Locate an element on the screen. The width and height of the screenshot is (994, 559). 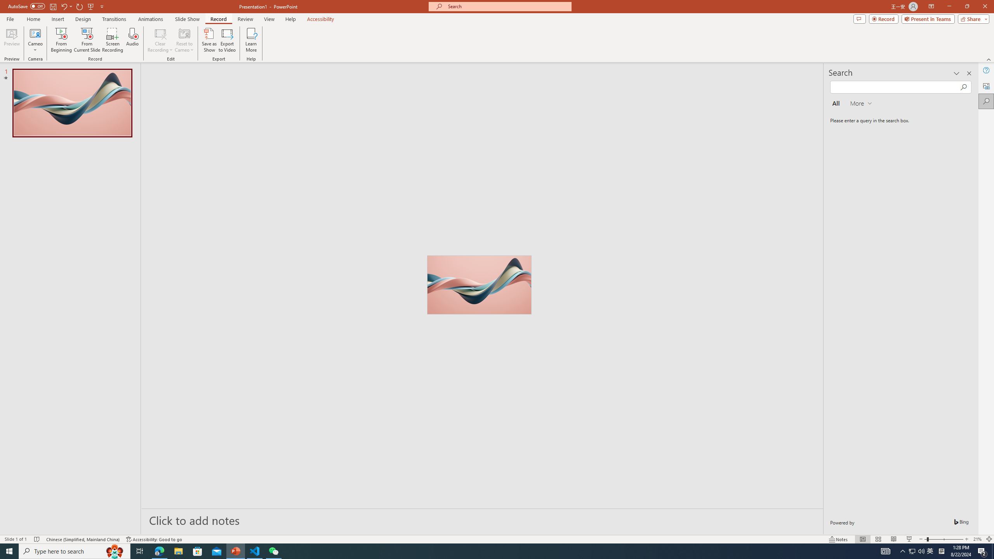
'Screen Recording' is located at coordinates (112, 40).